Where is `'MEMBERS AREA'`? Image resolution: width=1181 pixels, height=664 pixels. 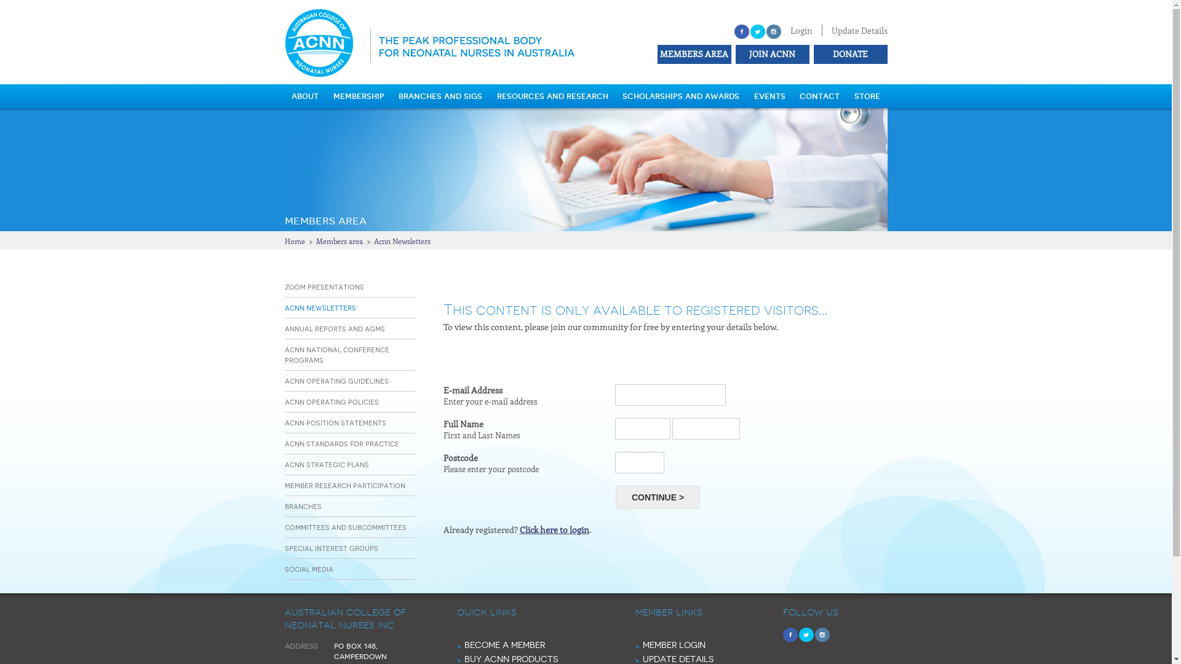
'MEMBERS AREA' is located at coordinates (693, 53).